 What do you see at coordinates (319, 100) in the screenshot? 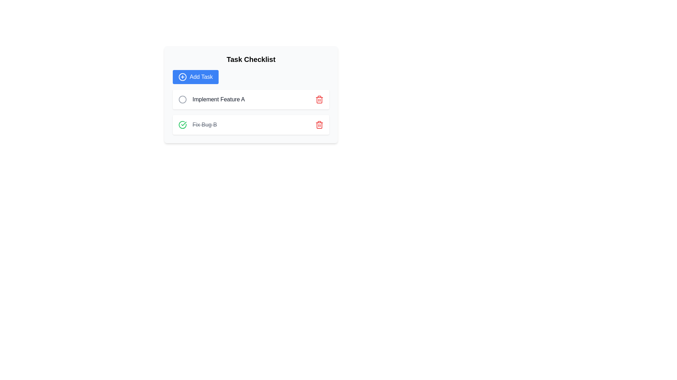
I see `the middle component of the red-colored trash can icon, which is styled with red lines and positioned to the right of the 'Implement Feature A' task row` at bounding box center [319, 100].